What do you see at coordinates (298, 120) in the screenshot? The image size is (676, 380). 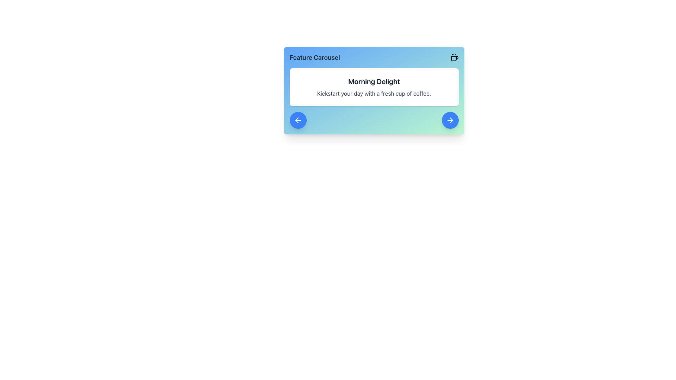 I see `the navigation arrow icon located within the blue circular button on the left side of the blue gradient card` at bounding box center [298, 120].